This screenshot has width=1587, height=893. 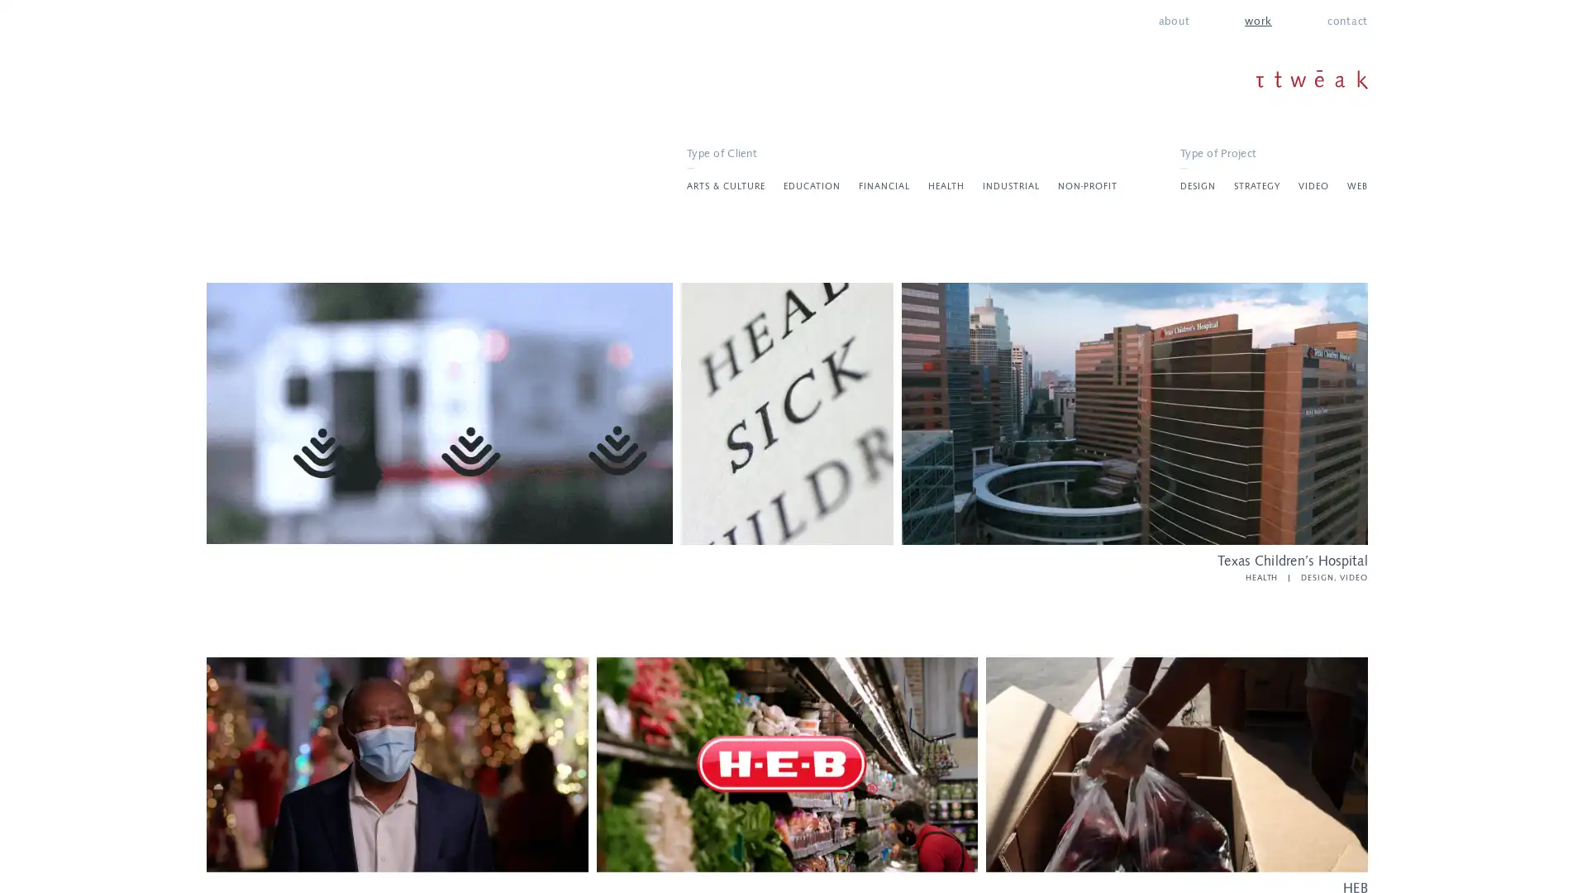 What do you see at coordinates (946, 186) in the screenshot?
I see `HEALTH` at bounding box center [946, 186].